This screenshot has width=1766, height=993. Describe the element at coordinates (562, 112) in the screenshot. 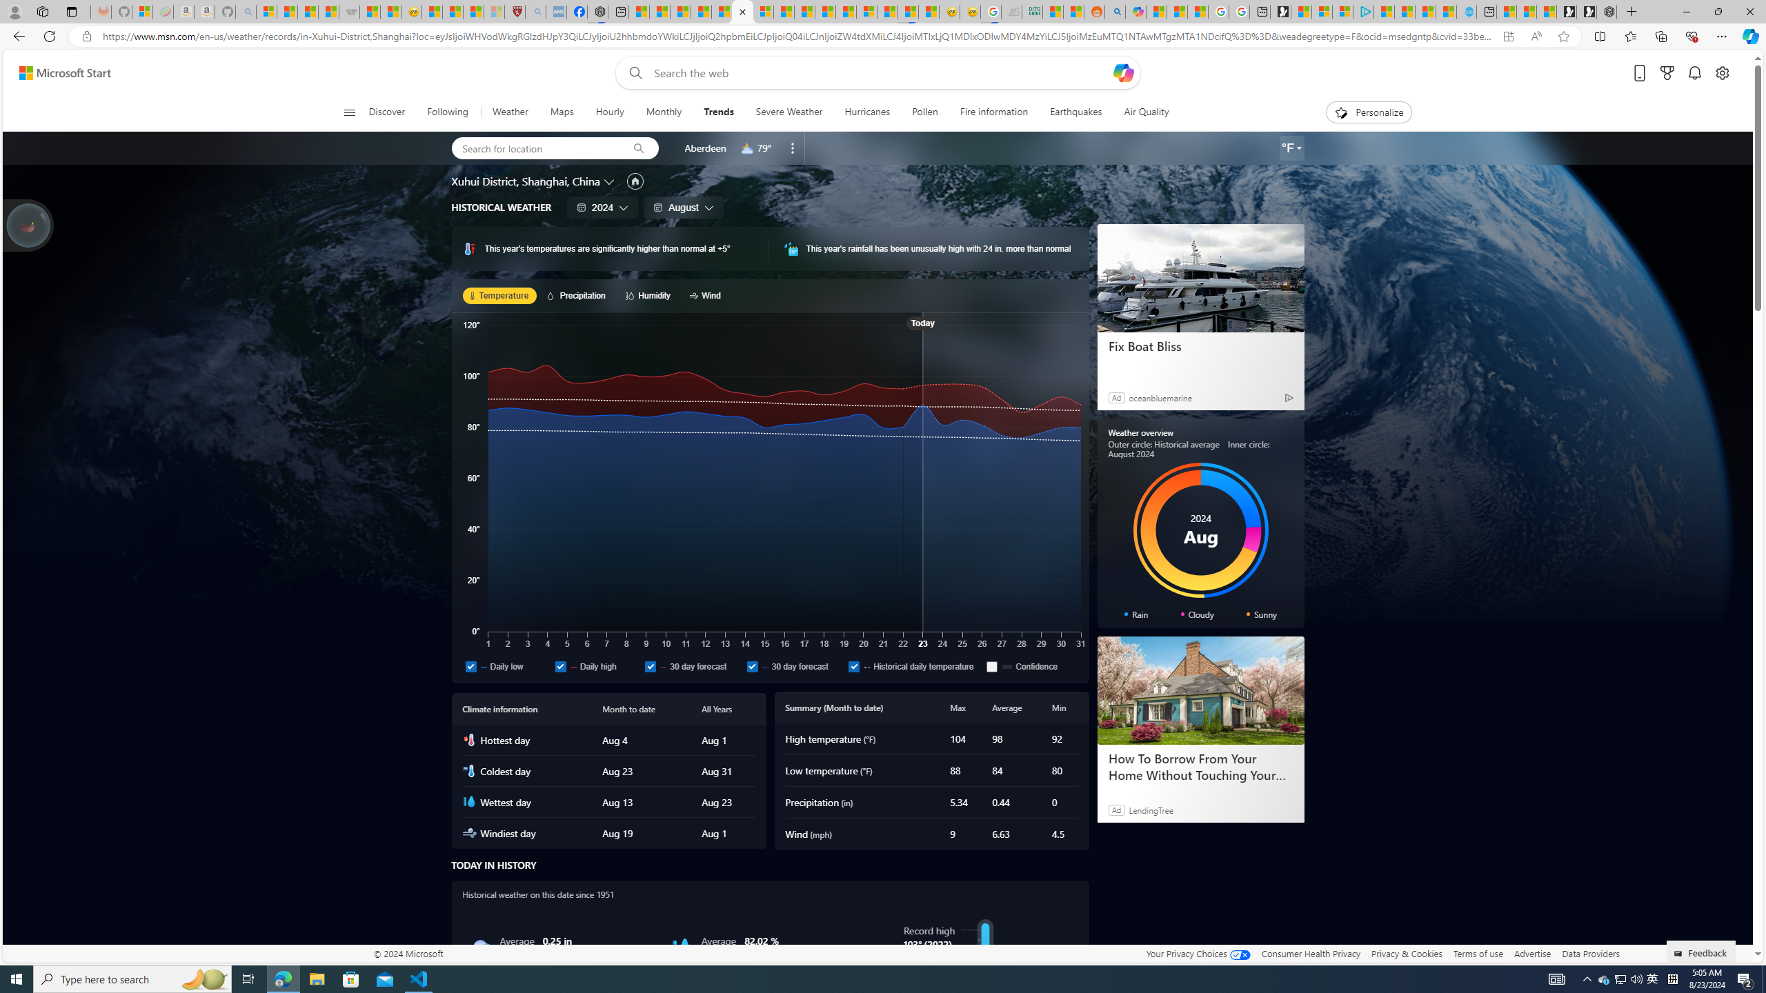

I see `'Maps'` at that location.